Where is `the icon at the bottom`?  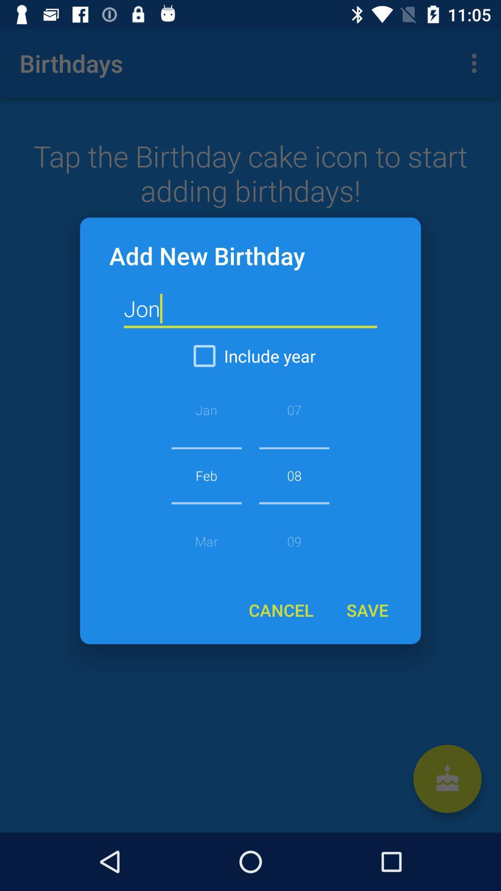
the icon at the bottom is located at coordinates (281, 610).